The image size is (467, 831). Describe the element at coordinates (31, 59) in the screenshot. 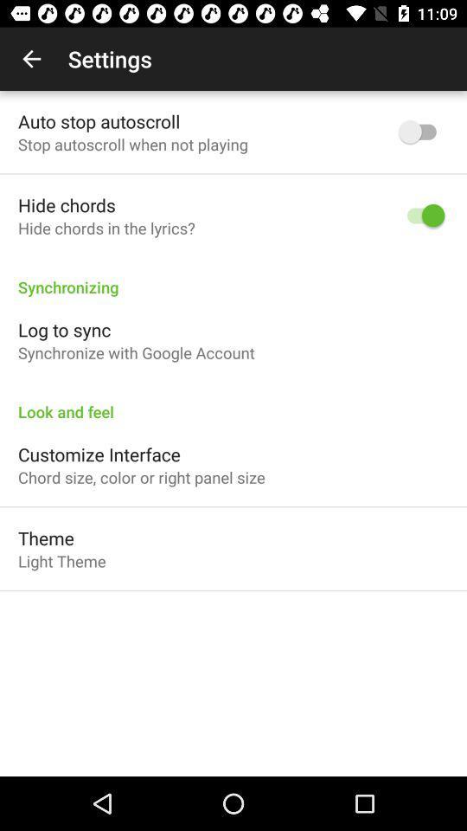

I see `the item above auto stop autoscroll icon` at that location.